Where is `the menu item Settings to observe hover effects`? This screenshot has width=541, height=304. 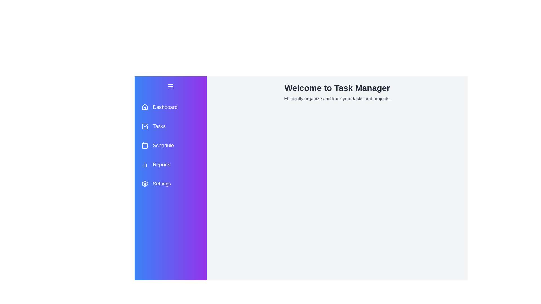
the menu item Settings to observe hover effects is located at coordinates (170, 184).